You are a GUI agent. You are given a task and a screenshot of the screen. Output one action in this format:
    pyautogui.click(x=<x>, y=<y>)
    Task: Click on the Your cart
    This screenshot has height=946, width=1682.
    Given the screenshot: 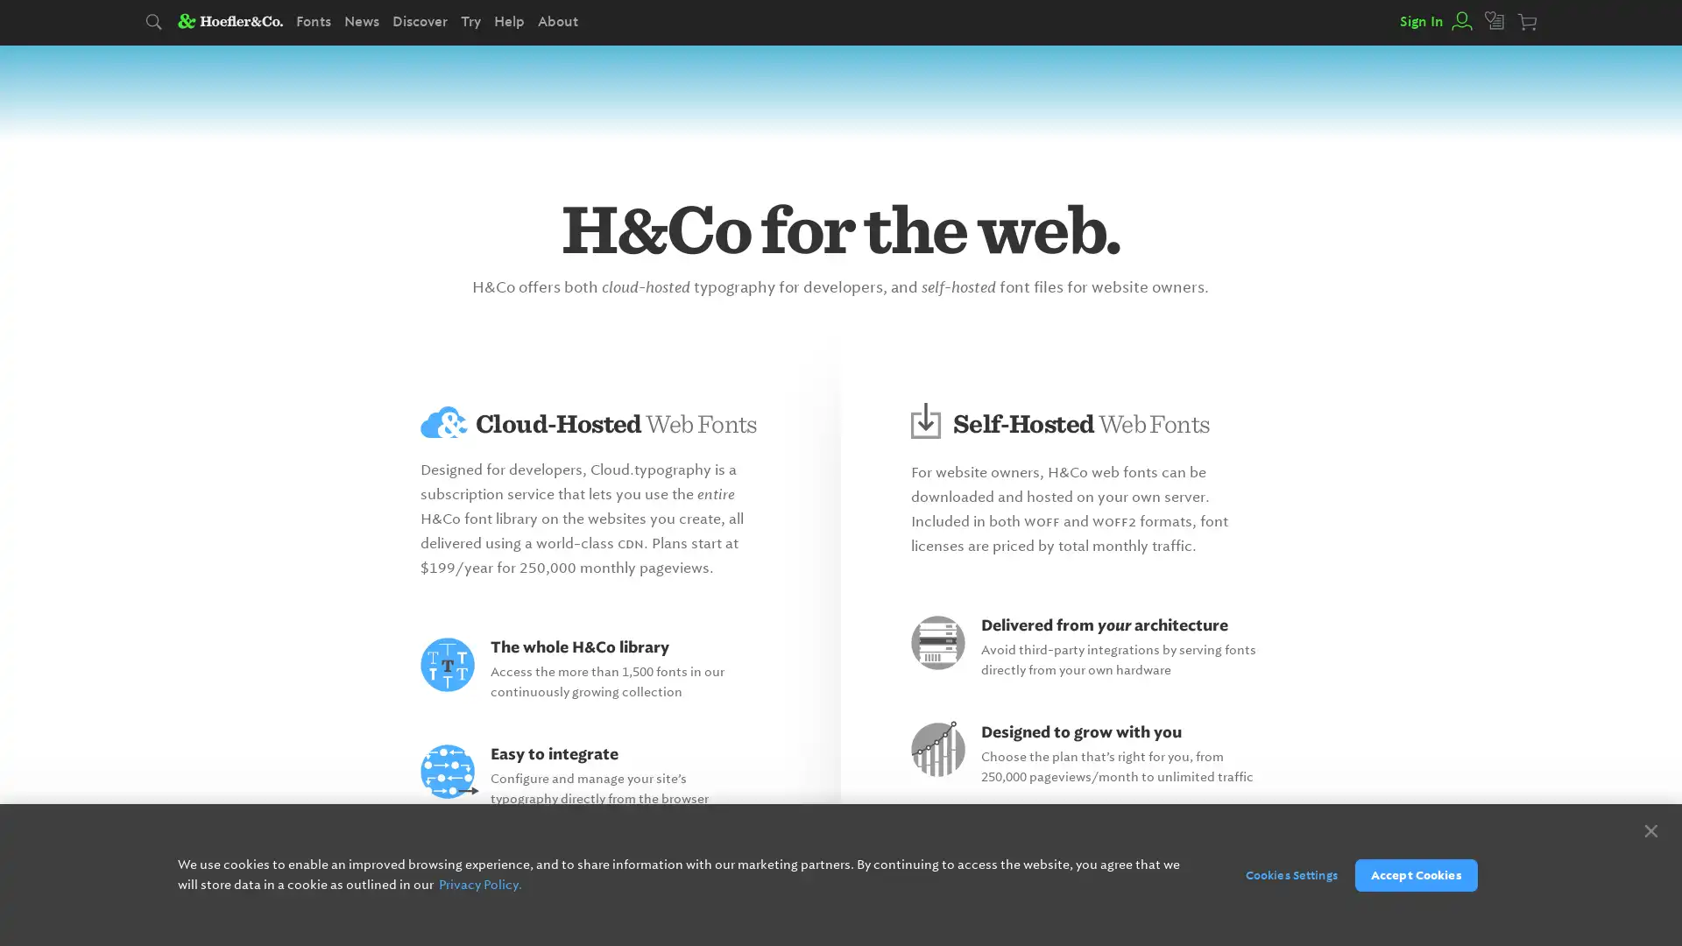 What is the action you would take?
    pyautogui.click(x=1528, y=23)
    